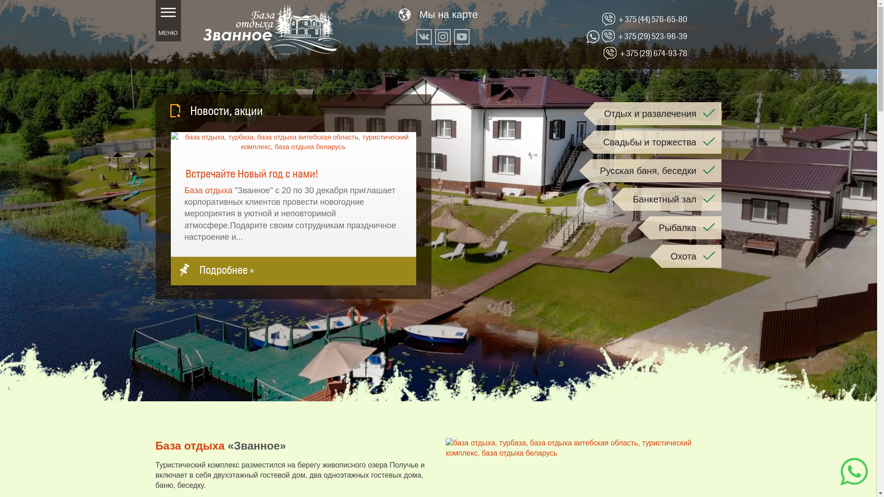 The image size is (884, 497). Describe the element at coordinates (652, 35) in the screenshot. I see `'+ 375 (29) 523-96-39'` at that location.